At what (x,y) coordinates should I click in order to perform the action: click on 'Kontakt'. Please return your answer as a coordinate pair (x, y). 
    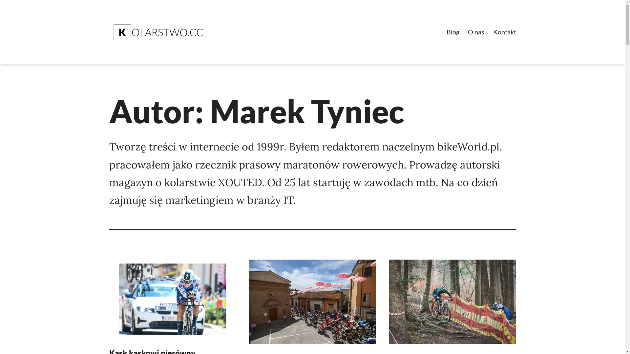
    Looking at the image, I should click on (504, 32).